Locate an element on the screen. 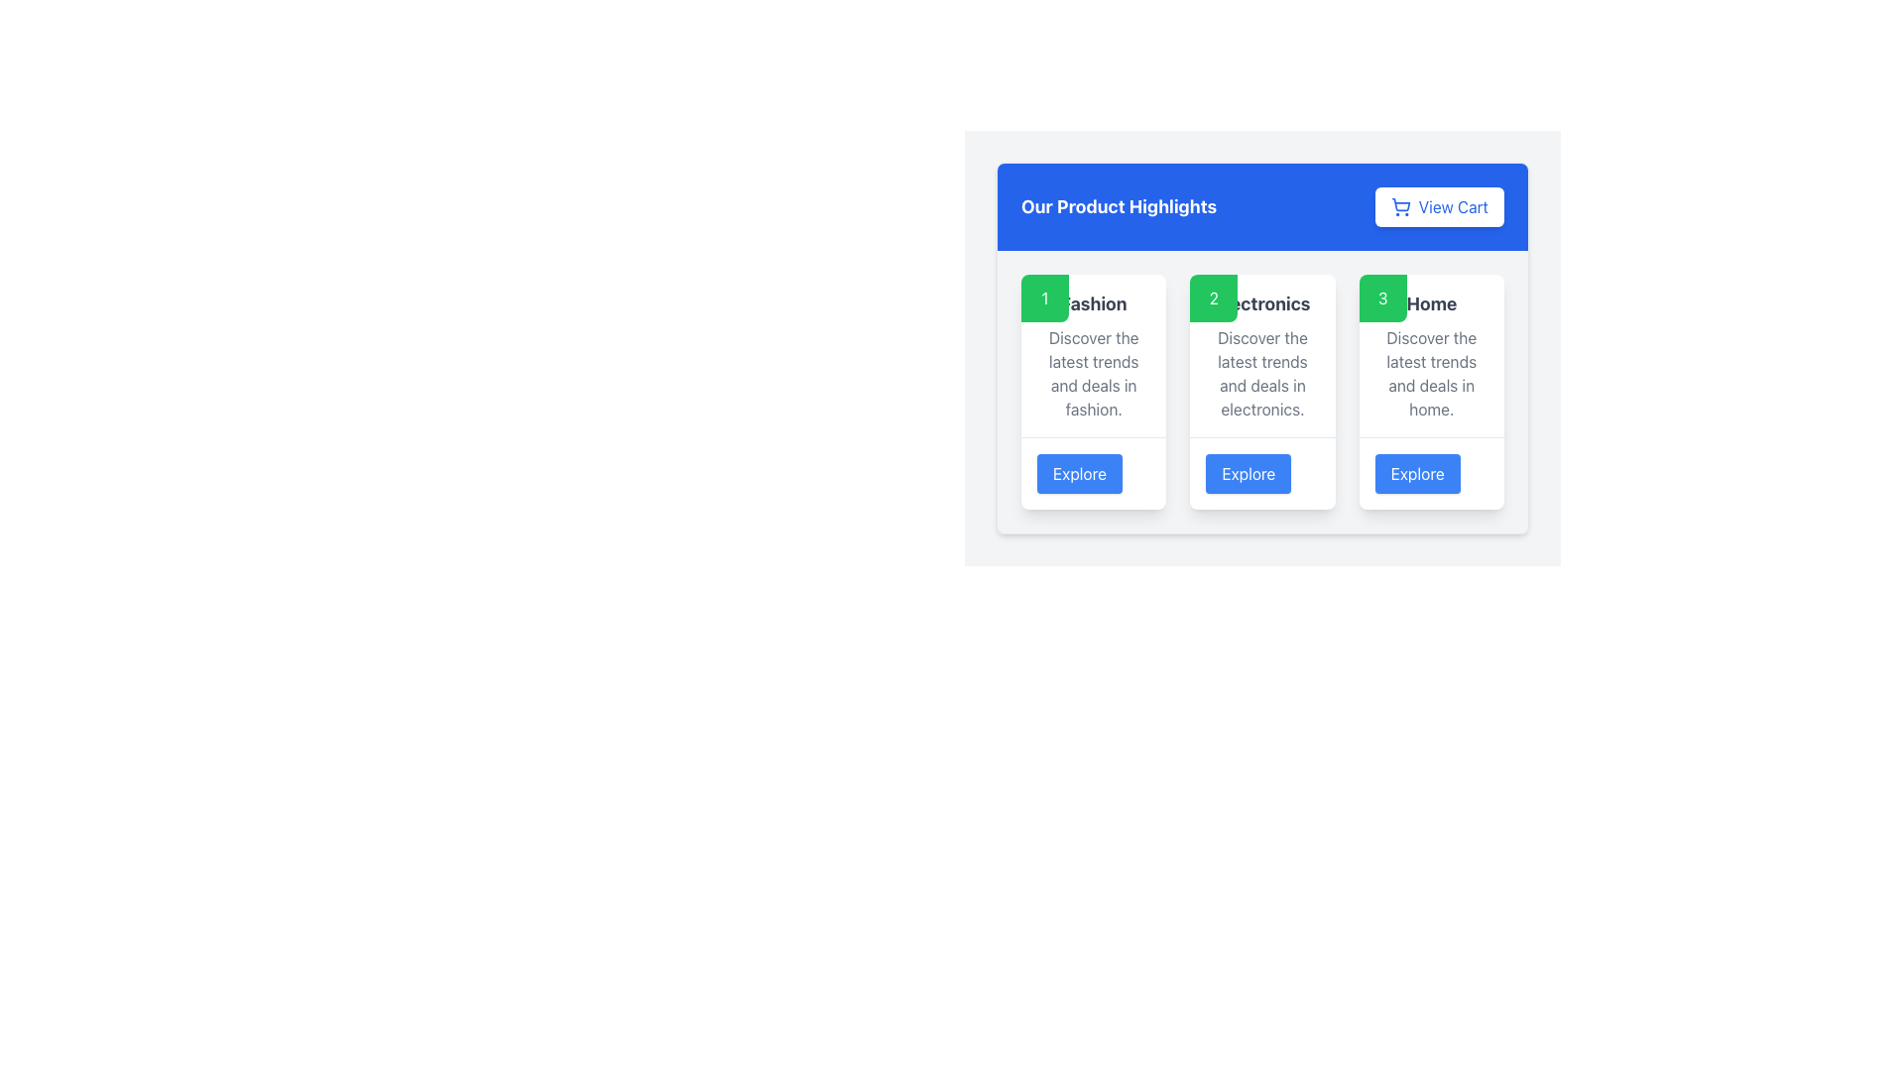 The image size is (1904, 1071). the informational card content block titled 'Electronics', which features a bold heading and descriptive text, located in the center column of a three-column layout is located at coordinates (1261, 354).